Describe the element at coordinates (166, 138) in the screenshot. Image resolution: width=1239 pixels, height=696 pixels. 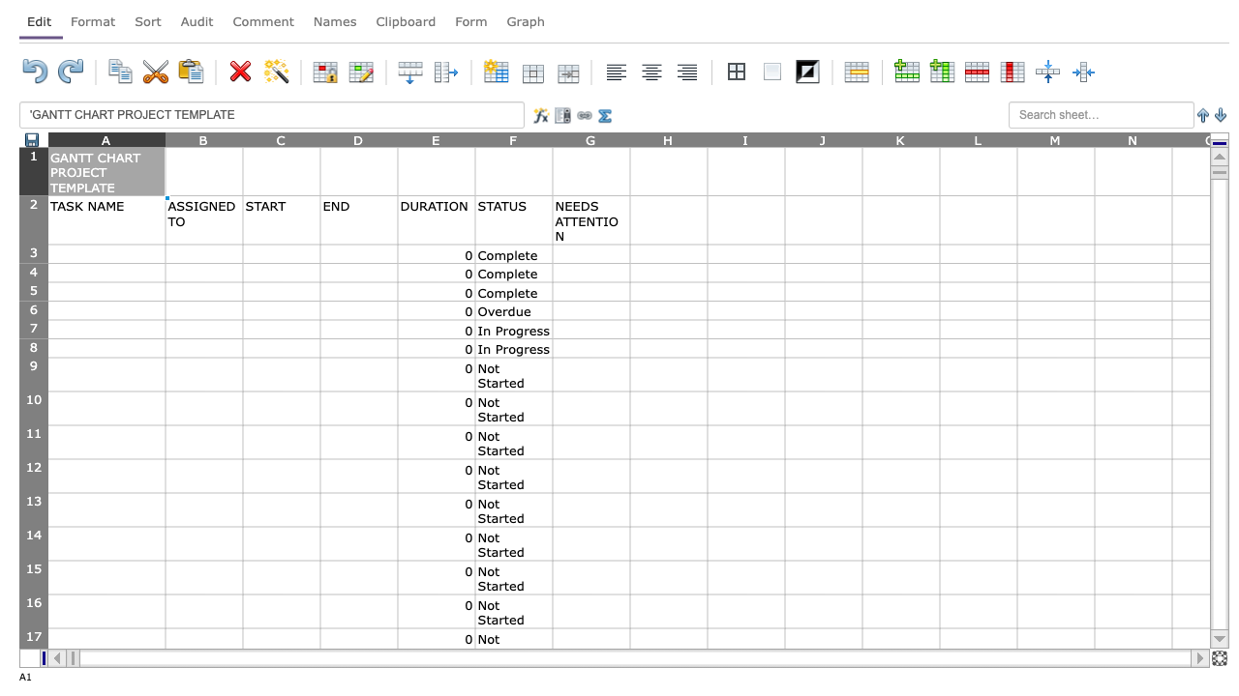
I see `the right edge of column A, for next step resizing the column` at that location.